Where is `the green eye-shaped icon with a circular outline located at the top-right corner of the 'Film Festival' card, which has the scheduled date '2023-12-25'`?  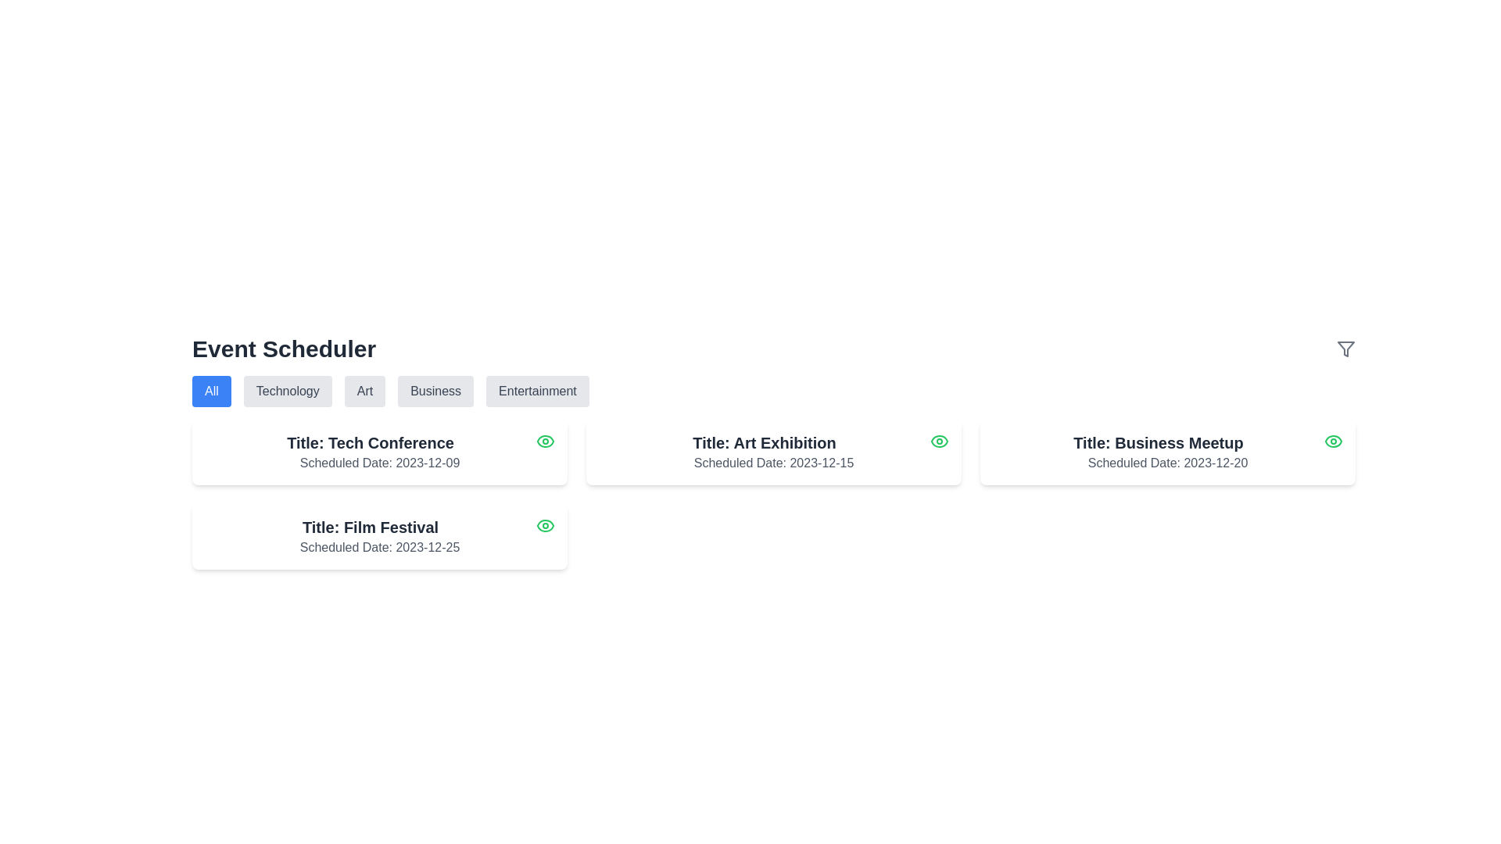 the green eye-shaped icon with a circular outline located at the top-right corner of the 'Film Festival' card, which has the scheduled date '2023-12-25' is located at coordinates (545, 525).